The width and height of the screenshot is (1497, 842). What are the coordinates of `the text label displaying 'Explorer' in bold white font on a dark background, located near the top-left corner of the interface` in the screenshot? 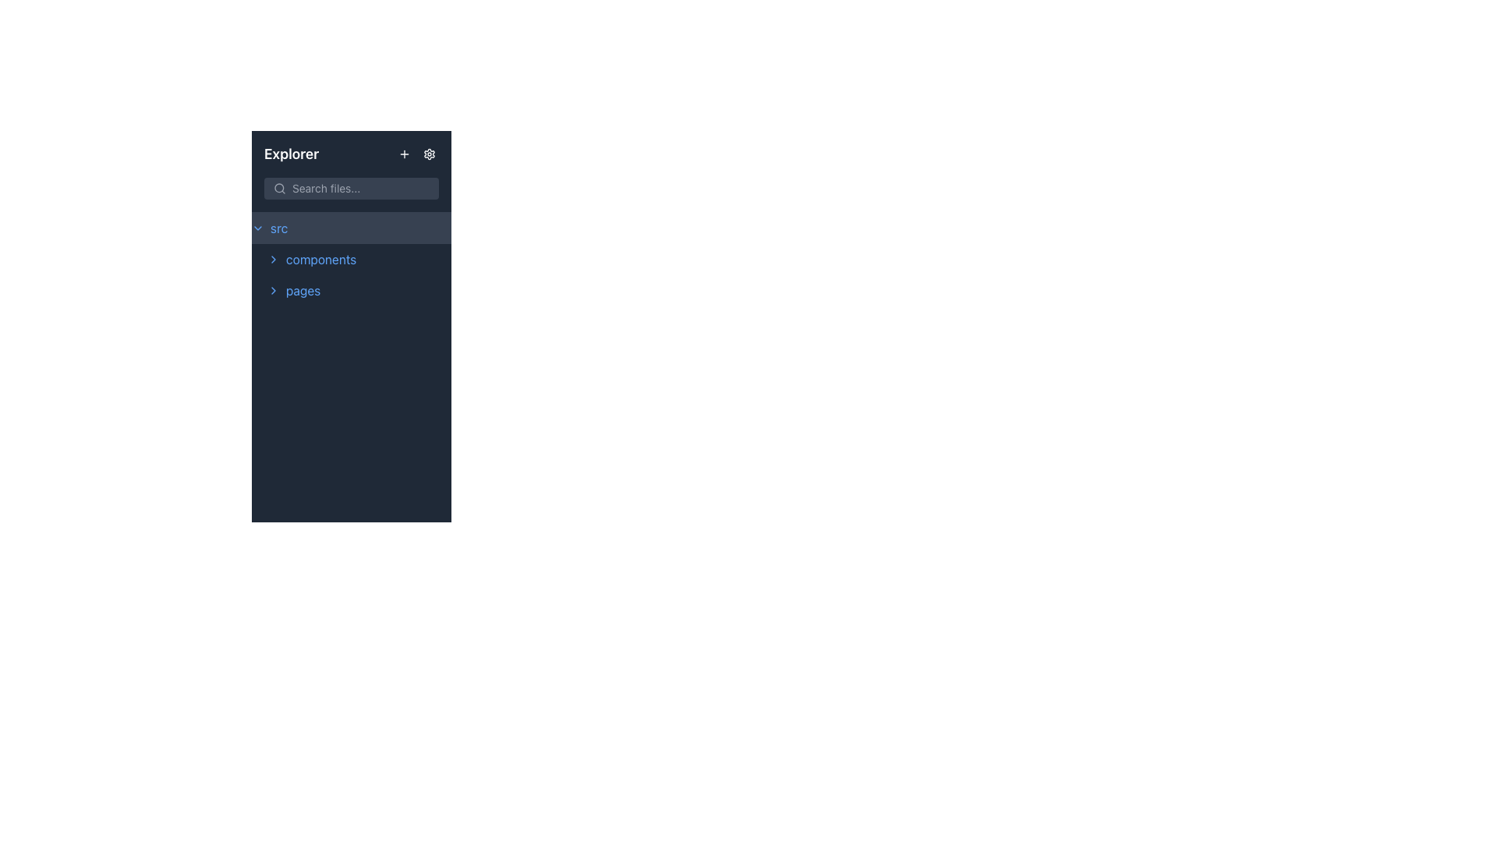 It's located at (292, 154).